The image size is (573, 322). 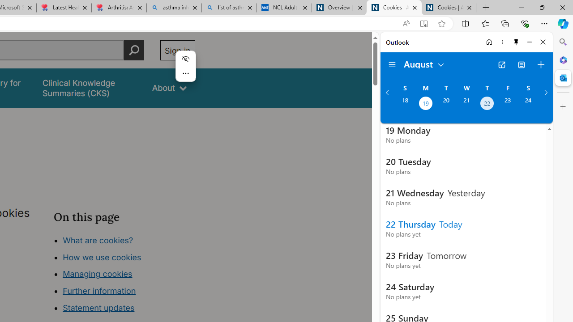 What do you see at coordinates (466, 104) in the screenshot?
I see `'Wednesday, August 21, 2024. '` at bounding box center [466, 104].